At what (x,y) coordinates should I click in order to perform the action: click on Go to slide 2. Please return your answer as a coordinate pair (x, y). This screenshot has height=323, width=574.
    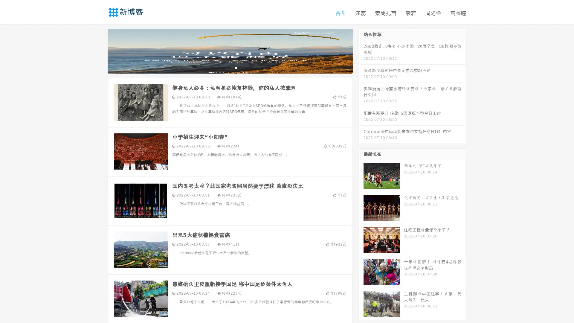
    Looking at the image, I should click on (230, 67).